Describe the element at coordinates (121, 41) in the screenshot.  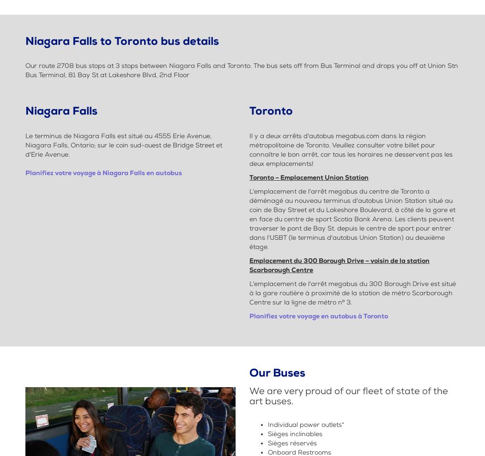
I see `'Niagara Falls to Toronto bus details'` at that location.